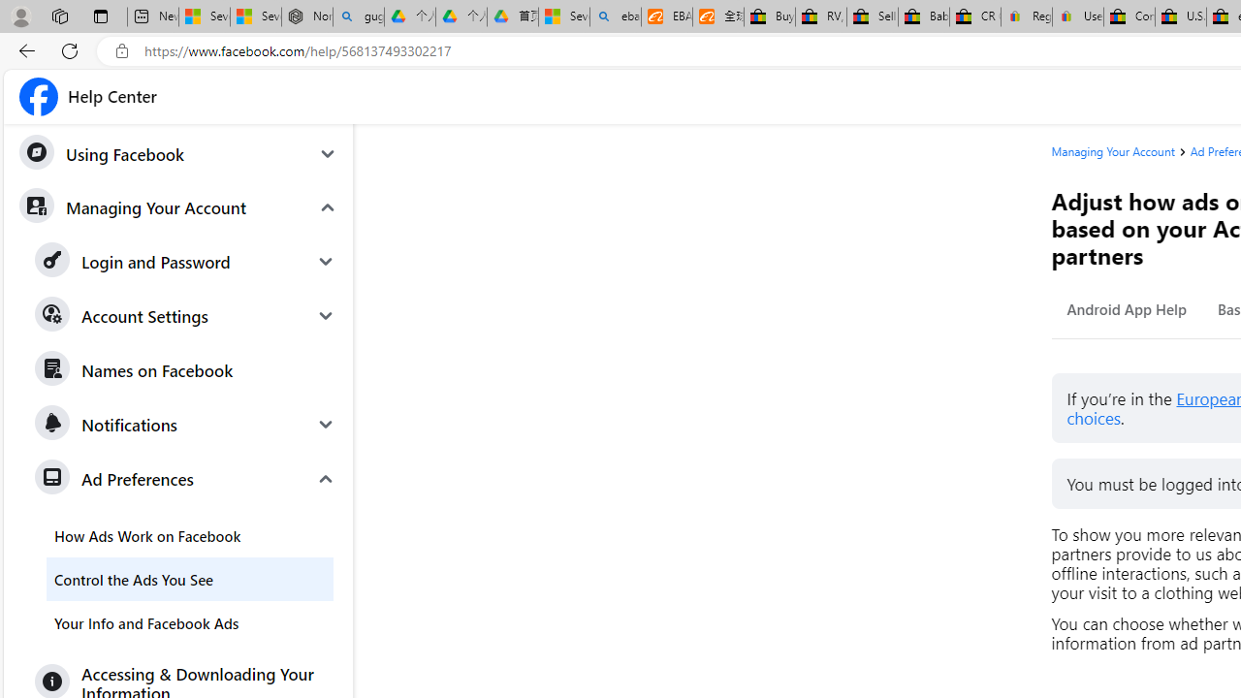 The height and width of the screenshot is (698, 1241). Describe the element at coordinates (1076, 16) in the screenshot. I see `'User Privacy Notice | eBay'` at that location.